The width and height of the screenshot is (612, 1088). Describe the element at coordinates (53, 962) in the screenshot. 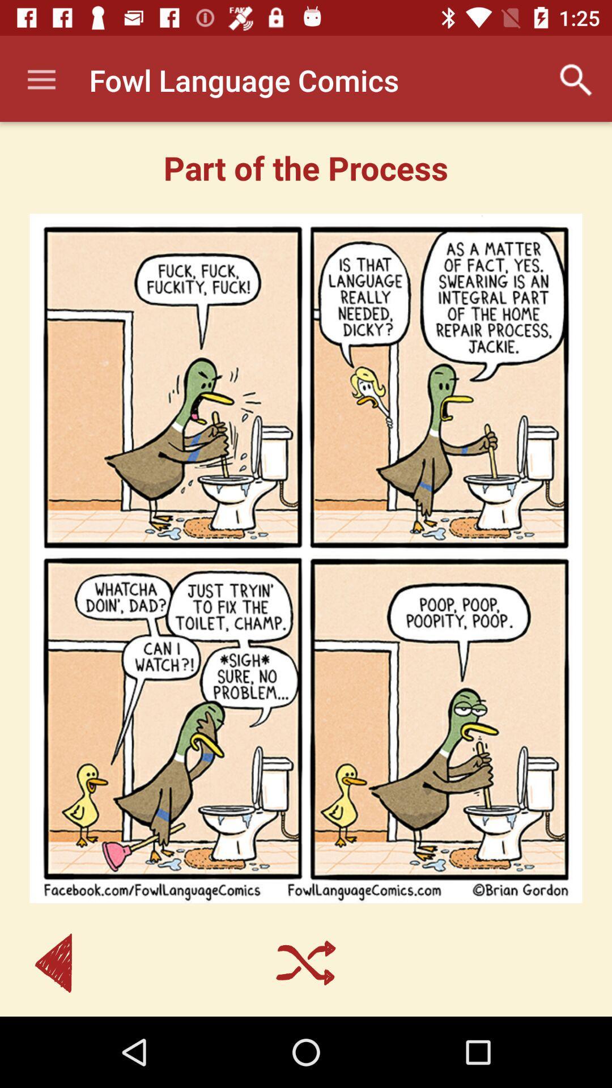

I see `the arrow_backward icon` at that location.